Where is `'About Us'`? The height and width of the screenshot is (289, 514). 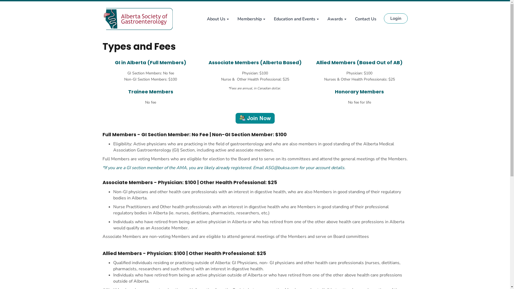
'About Us' is located at coordinates (202, 18).